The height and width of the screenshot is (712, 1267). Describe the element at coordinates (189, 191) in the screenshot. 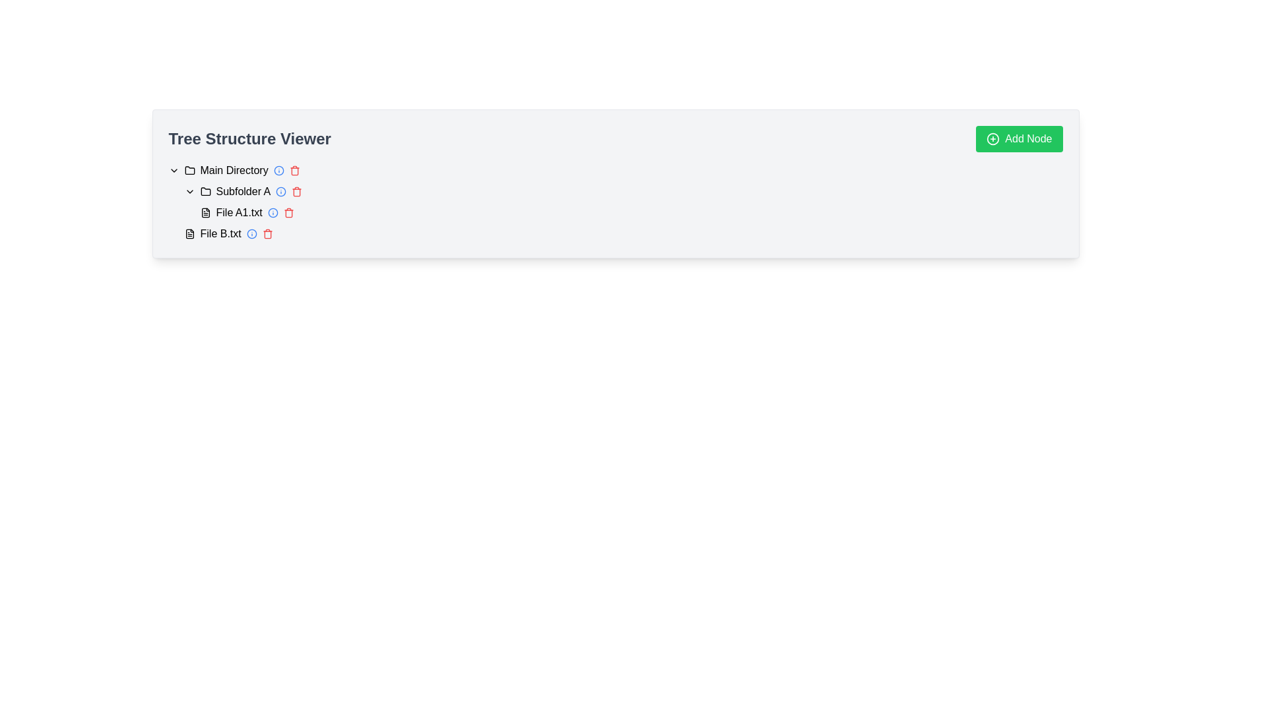

I see `the downward-pointing chevron icon button located to the left of the text 'Subfolder A'` at that location.